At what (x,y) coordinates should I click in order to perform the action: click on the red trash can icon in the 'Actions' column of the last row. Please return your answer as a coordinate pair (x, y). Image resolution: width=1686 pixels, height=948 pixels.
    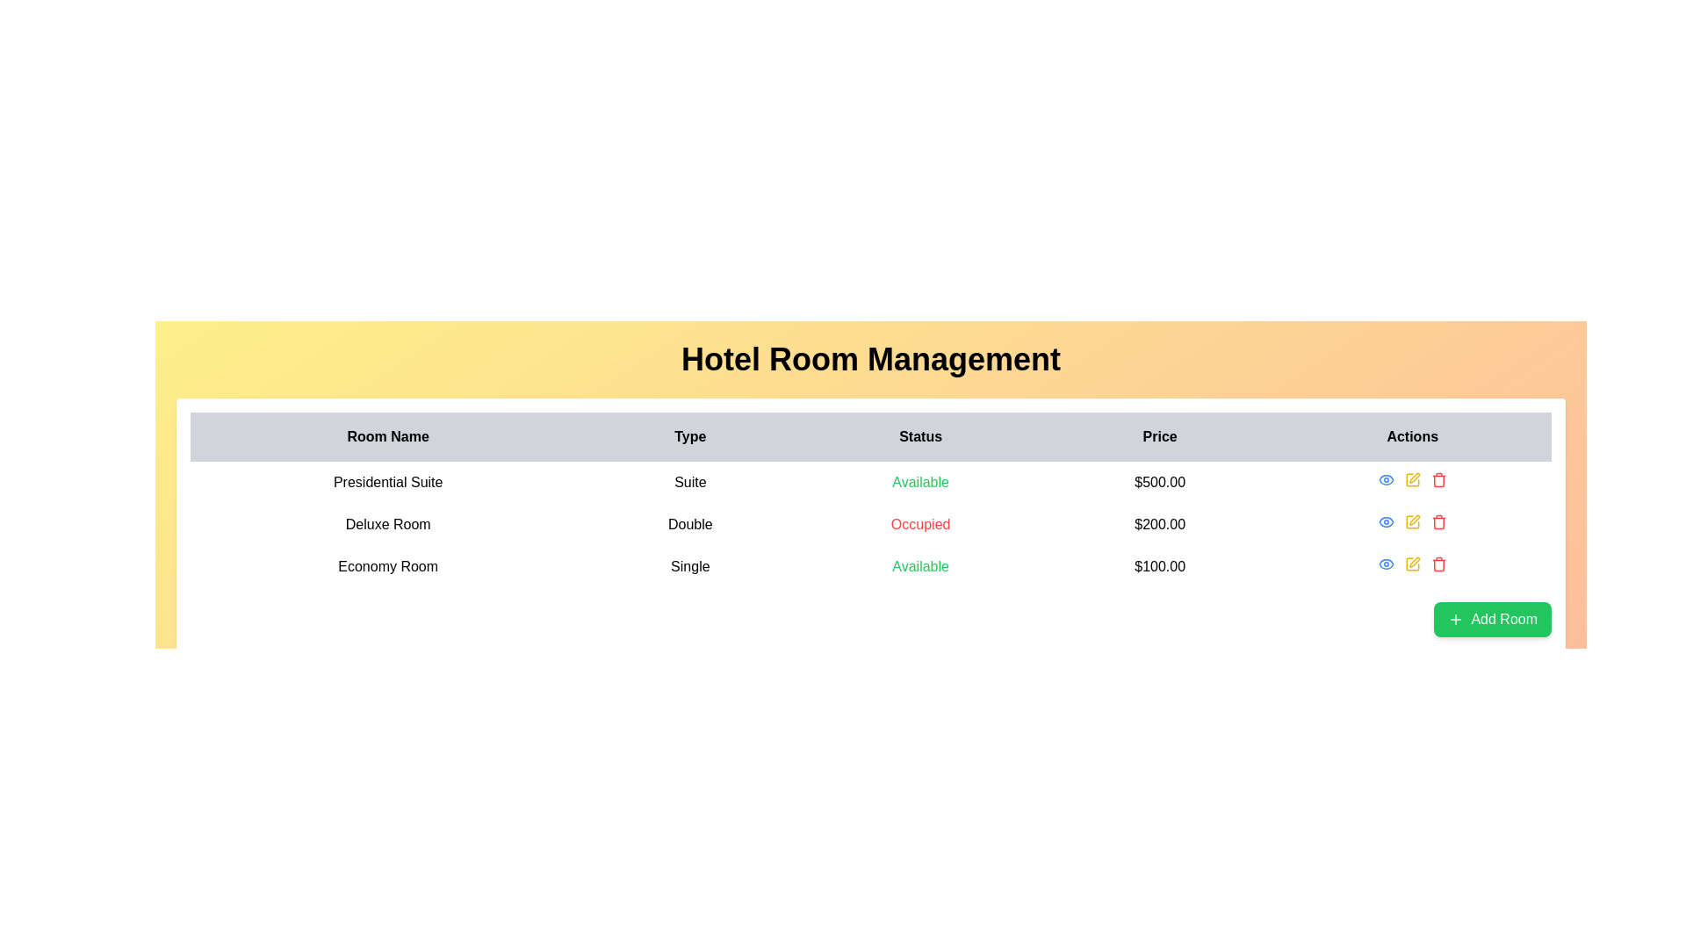
    Looking at the image, I should click on (1438, 565).